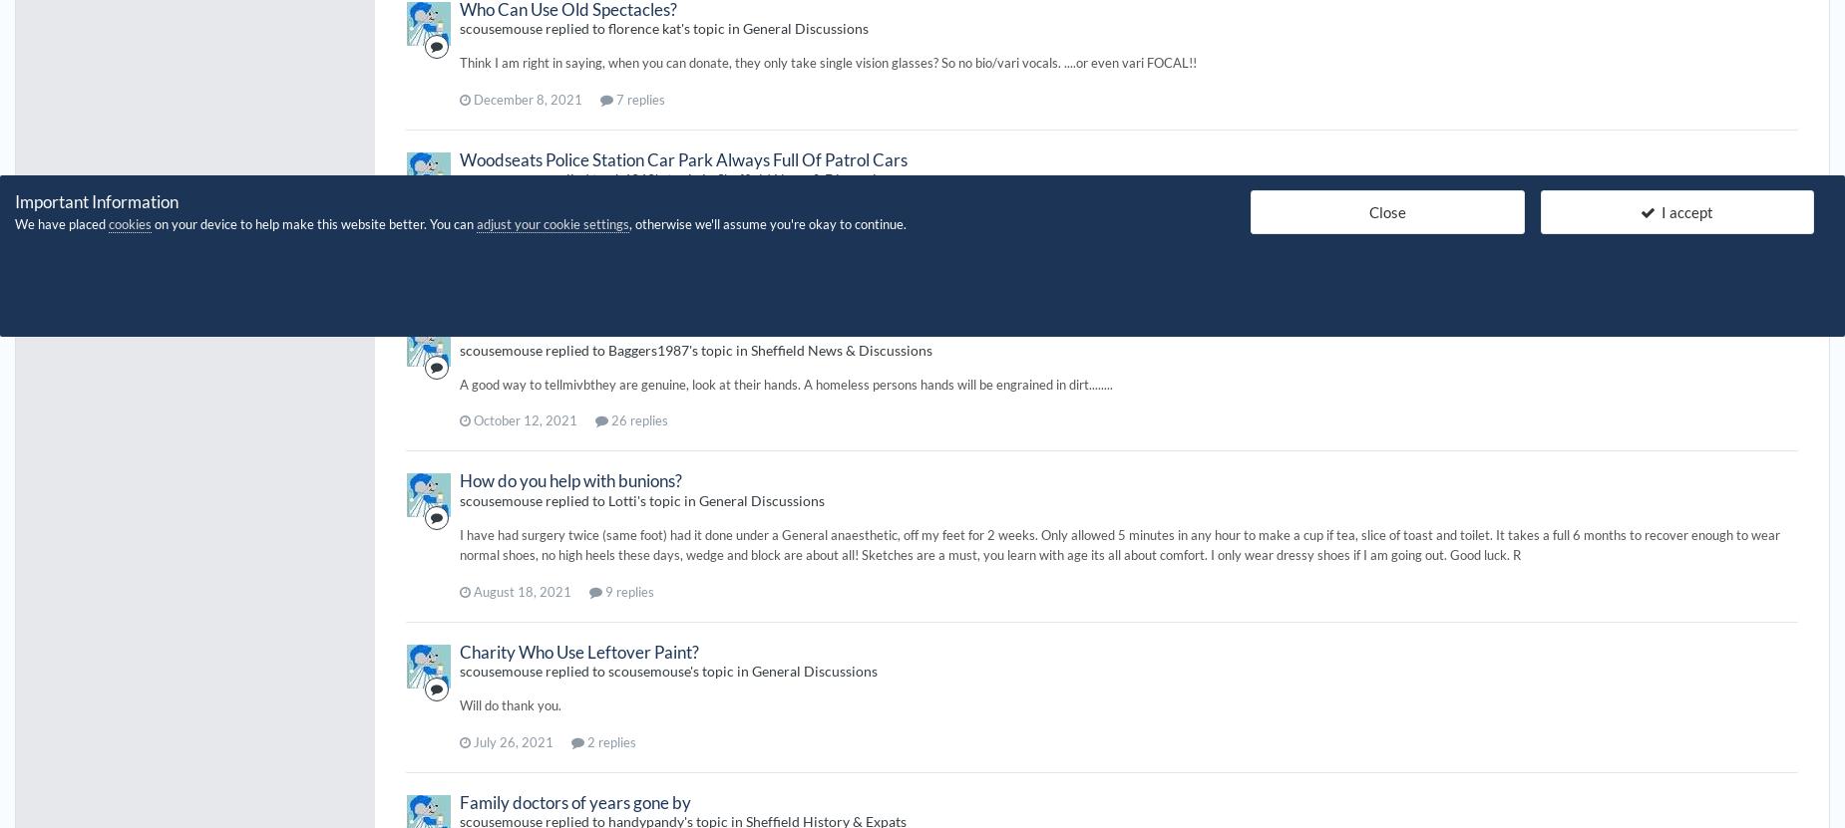 The image size is (1845, 828). I want to click on 'Will do thank you.', so click(459, 704).